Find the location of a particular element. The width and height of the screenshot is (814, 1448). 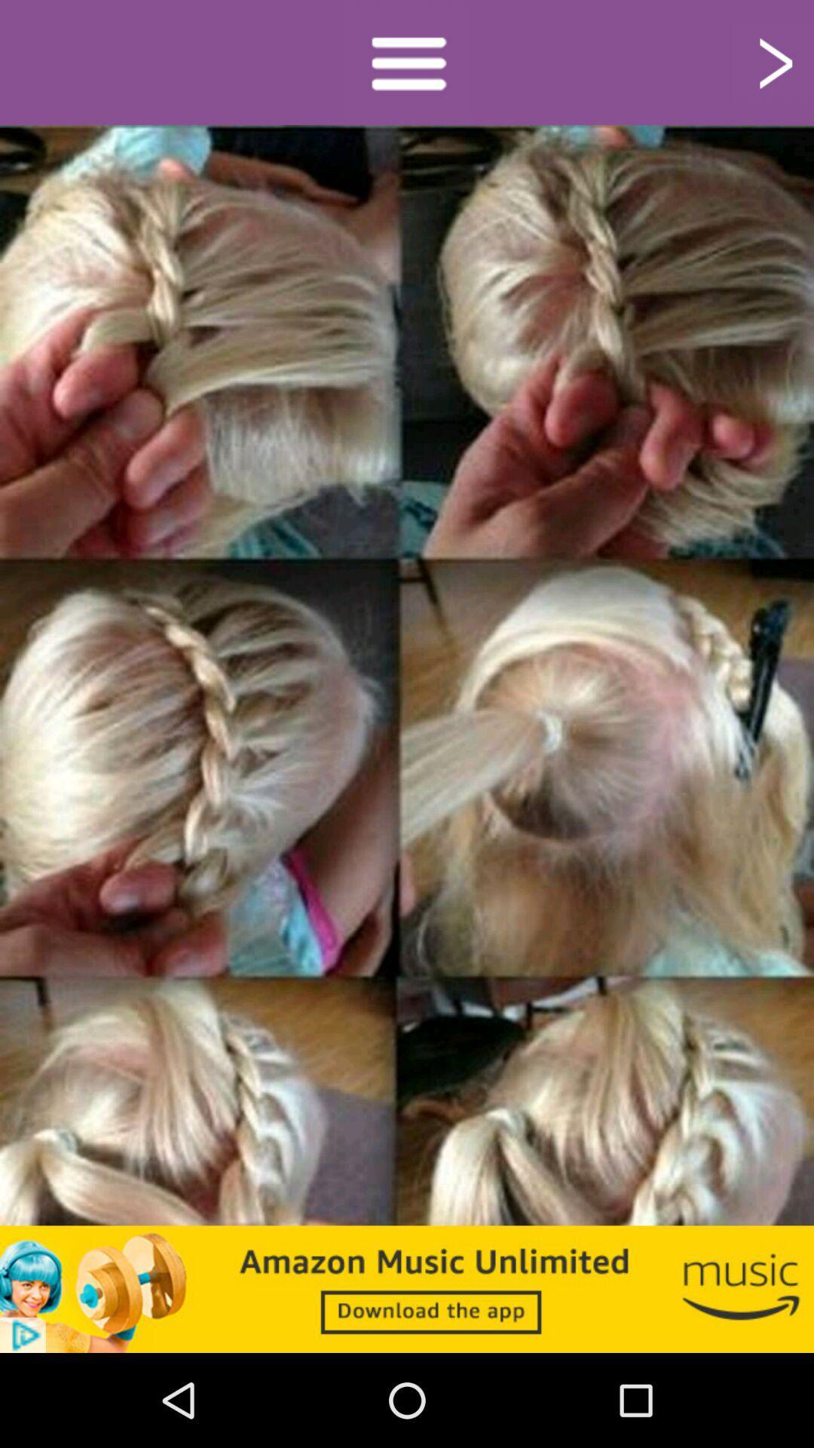

advance to the next slide is located at coordinates (773, 61).